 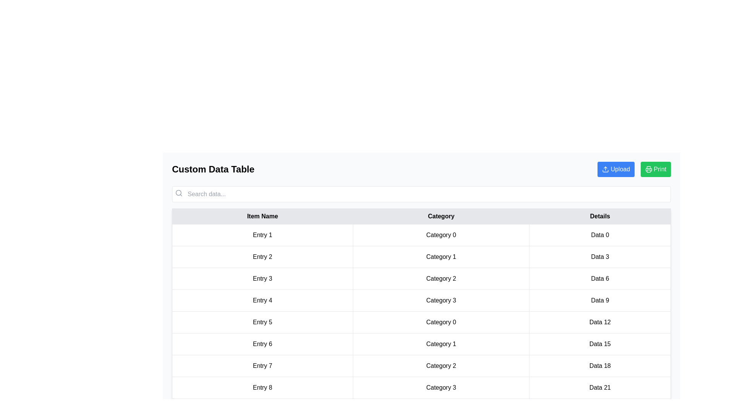 What do you see at coordinates (655, 169) in the screenshot?
I see `the 'Print' button to initiate the print action` at bounding box center [655, 169].